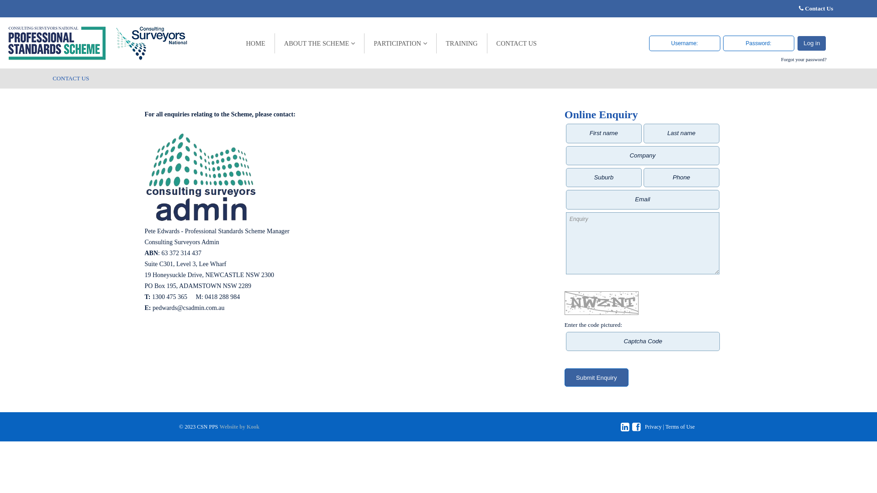 This screenshot has height=493, width=877. Describe the element at coordinates (401, 43) in the screenshot. I see `'PARTICIPATION'` at that location.